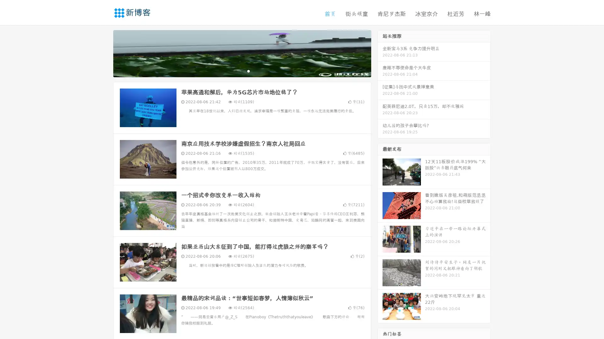  I want to click on Go to slide 3, so click(248, 71).